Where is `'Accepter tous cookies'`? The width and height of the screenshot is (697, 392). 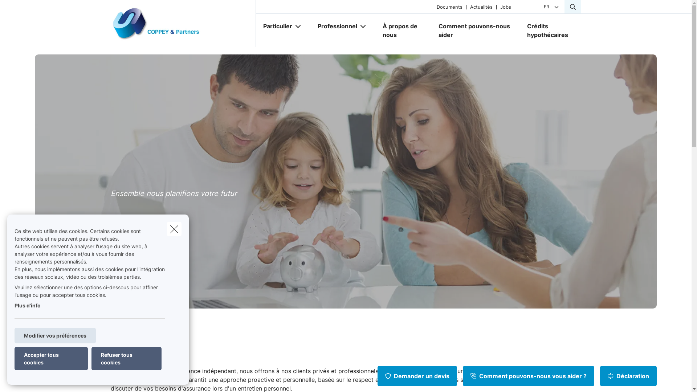
'Accepter tous cookies' is located at coordinates (14, 358).